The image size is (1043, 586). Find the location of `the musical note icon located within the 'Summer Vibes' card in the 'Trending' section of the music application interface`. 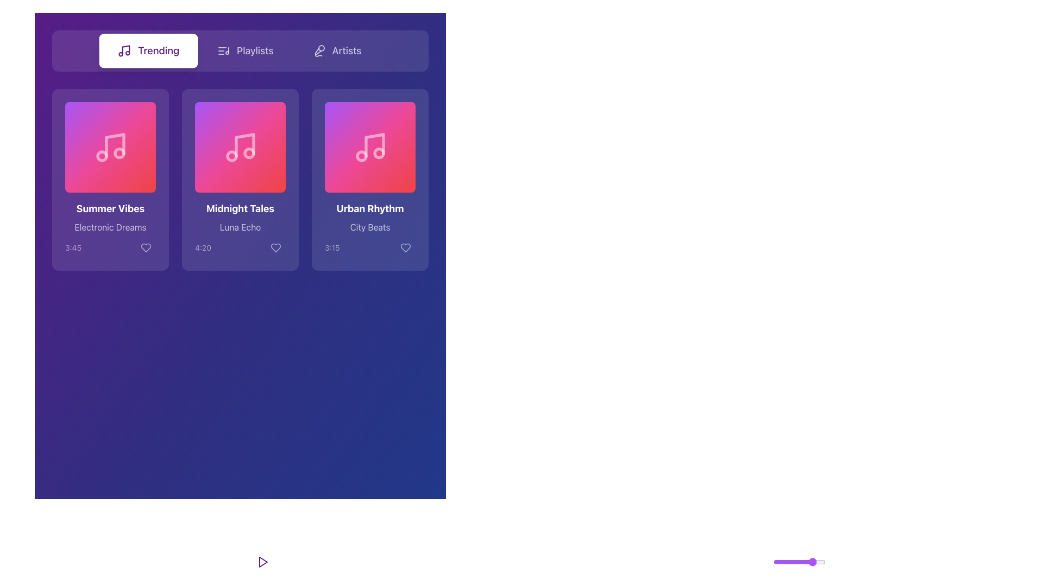

the musical note icon located within the 'Summer Vibes' card in the 'Trending' section of the music application interface is located at coordinates (115, 144).